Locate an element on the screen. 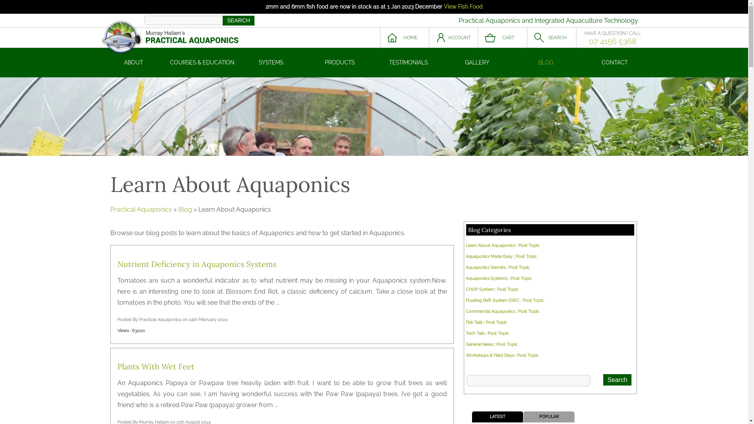 This screenshot has width=754, height=424. 'Post Topic' is located at coordinates (507, 344).